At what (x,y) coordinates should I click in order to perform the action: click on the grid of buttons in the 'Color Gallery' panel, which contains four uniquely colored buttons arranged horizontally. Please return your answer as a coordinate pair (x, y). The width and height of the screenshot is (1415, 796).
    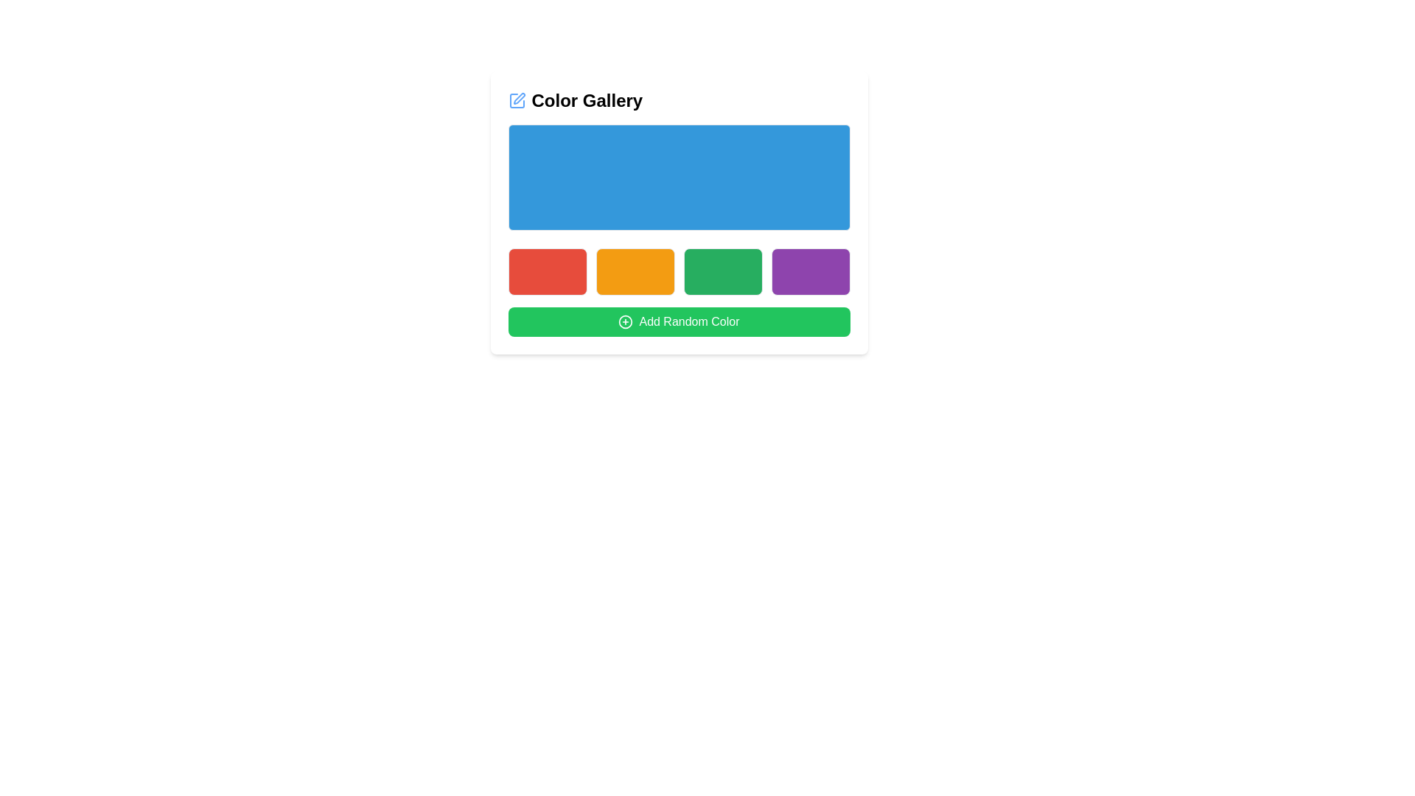
    Looking at the image, I should click on (678, 272).